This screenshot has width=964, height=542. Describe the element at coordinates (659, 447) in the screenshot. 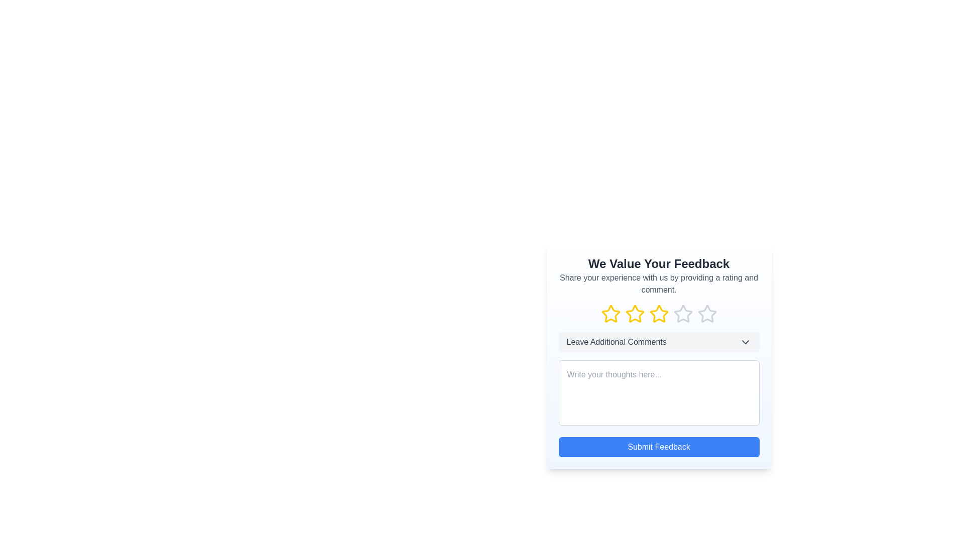

I see `the feedback submission button located at the bottom section of the feedback form` at that location.